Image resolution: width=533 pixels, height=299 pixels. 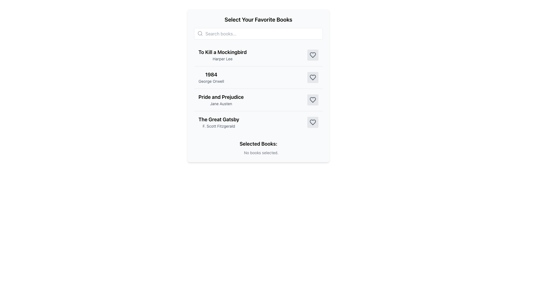 What do you see at coordinates (313, 55) in the screenshot?
I see `the heart-shaped icon to favorite or unfavorite the book located to the right of the text 'To Kill a Mockingbird' by Harper Lee in the book selection list` at bounding box center [313, 55].